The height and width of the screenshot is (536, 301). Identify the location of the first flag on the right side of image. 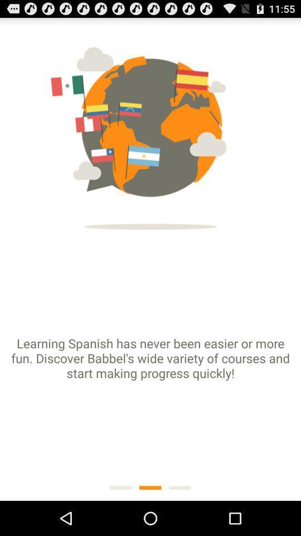
(174, 84).